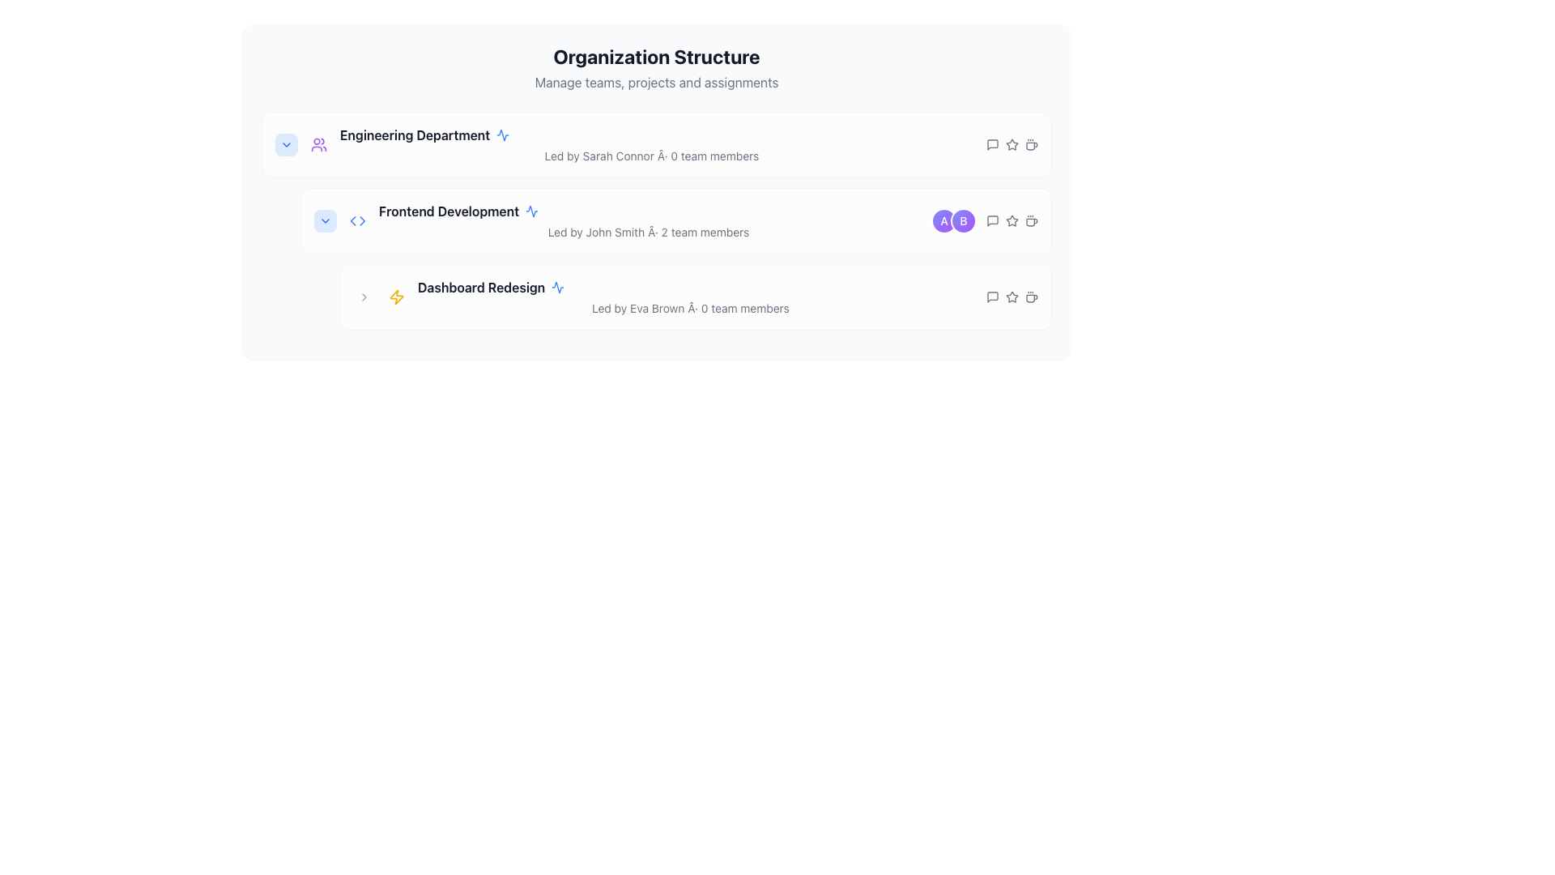  What do you see at coordinates (1011, 297) in the screenshot?
I see `the favorite button, represented by a star icon, located on the right-hand side of the third section in the Dashboard Redesign list` at bounding box center [1011, 297].